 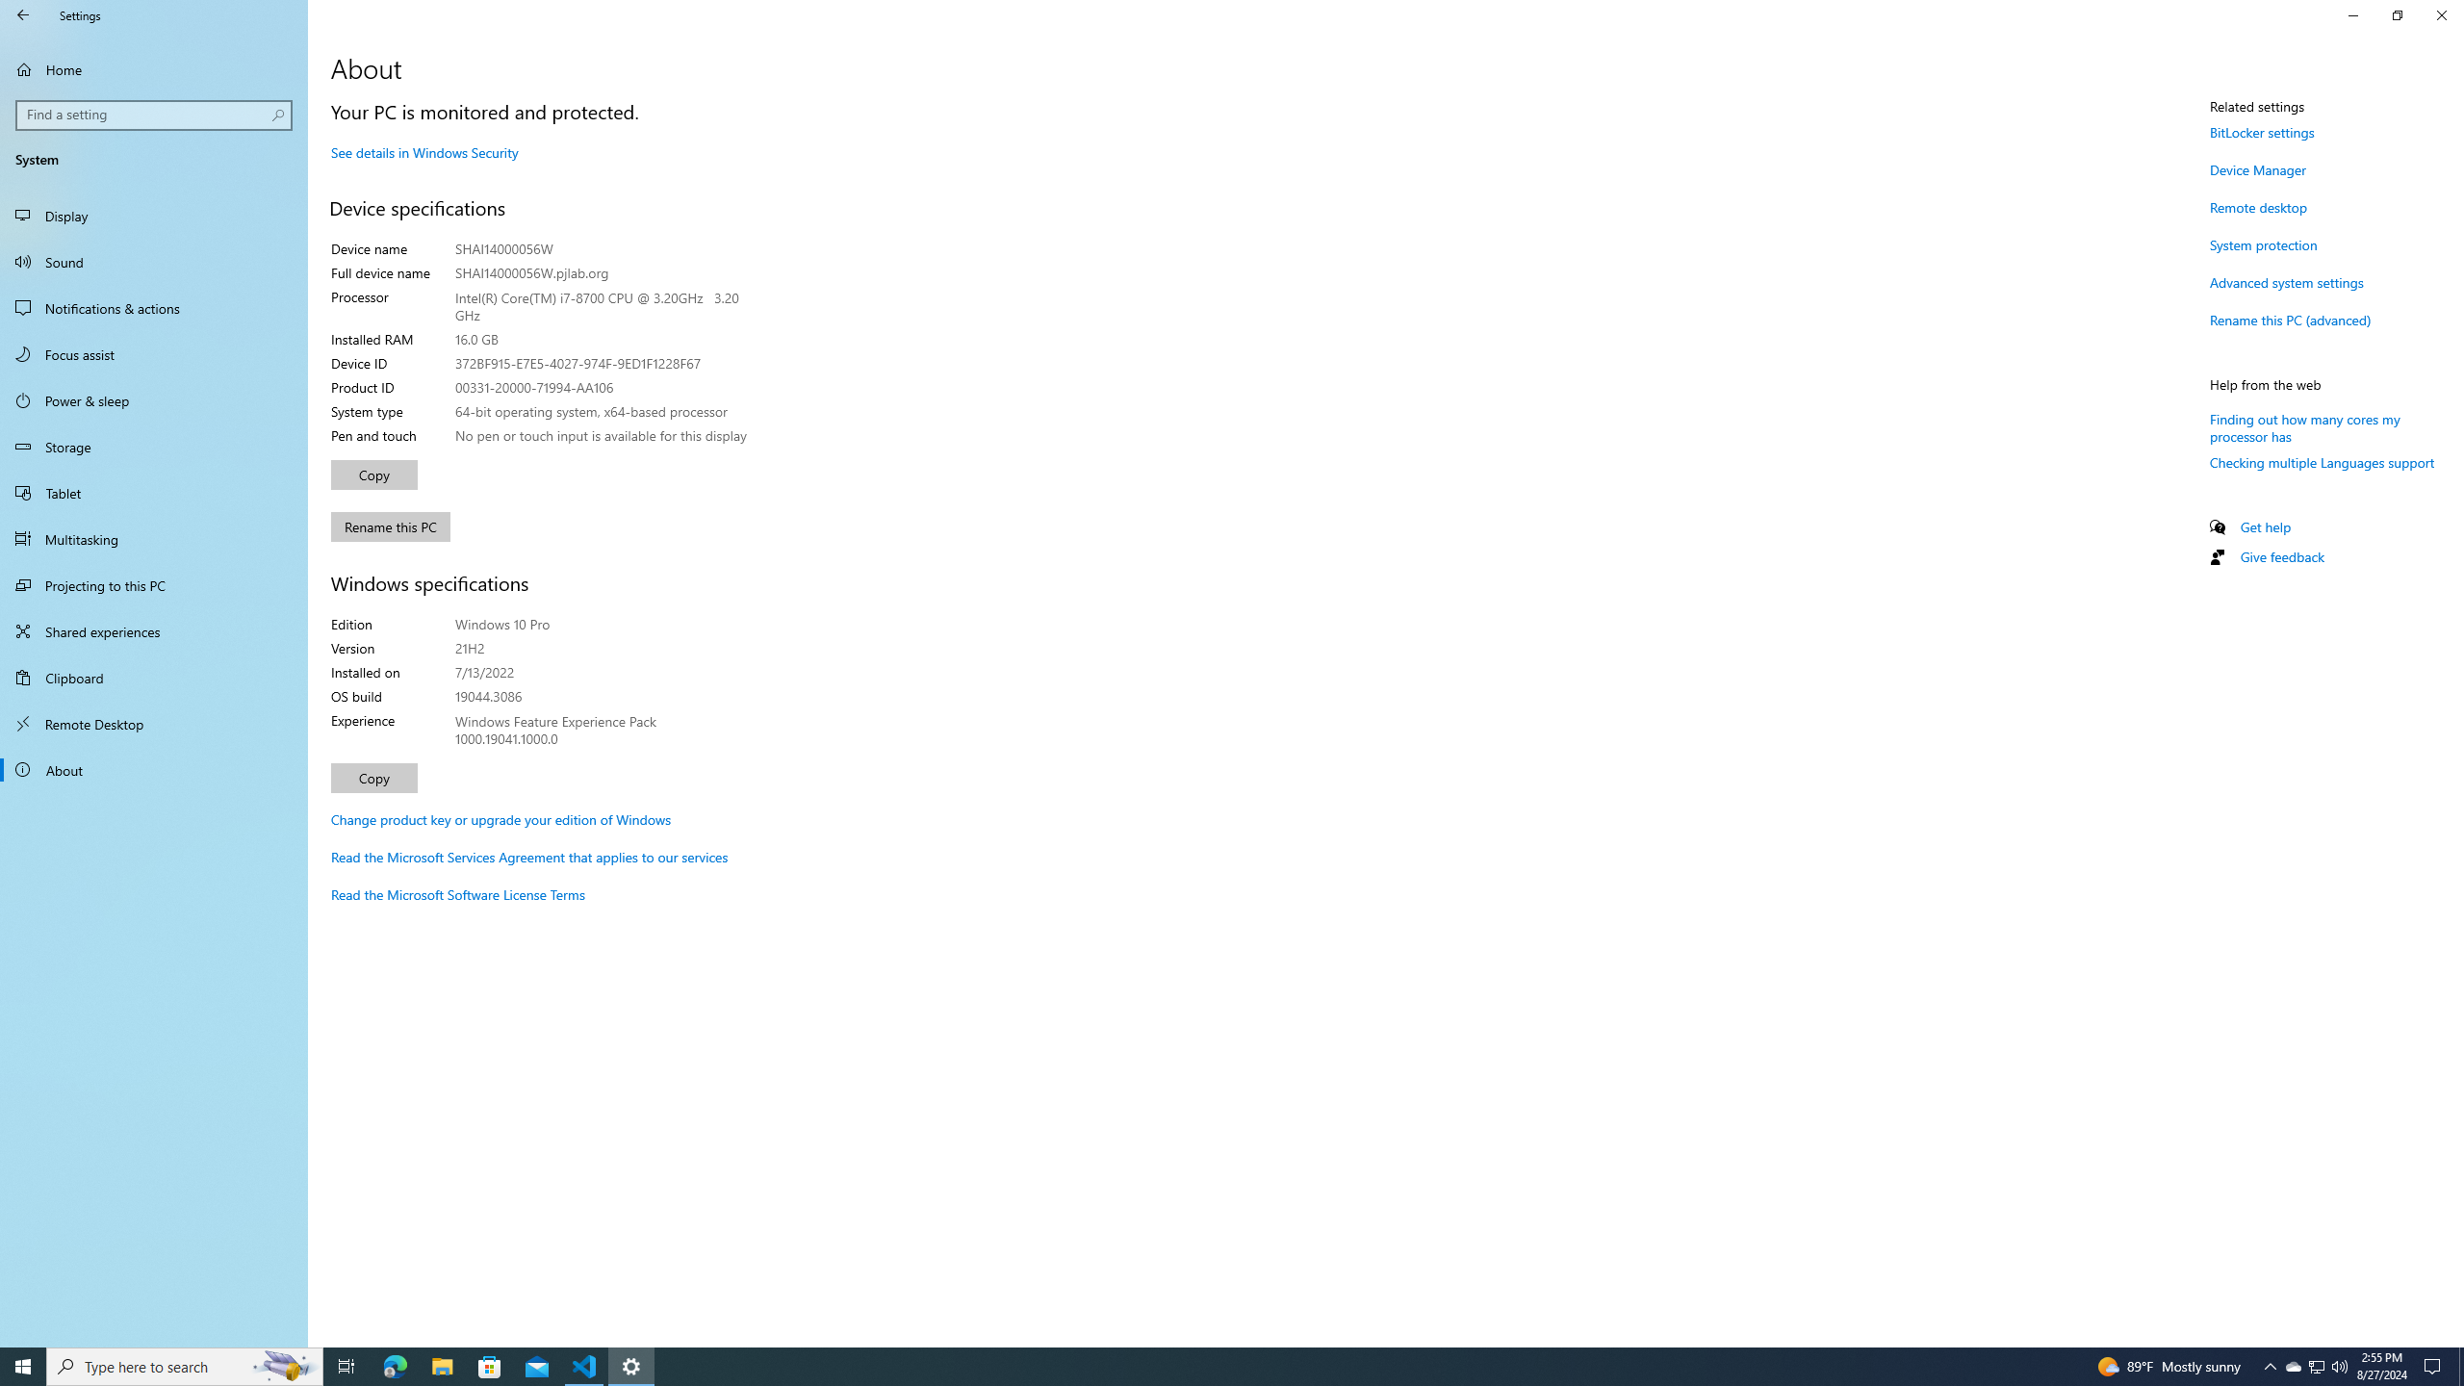 I want to click on 'Remote Desktop', so click(x=153, y=723).